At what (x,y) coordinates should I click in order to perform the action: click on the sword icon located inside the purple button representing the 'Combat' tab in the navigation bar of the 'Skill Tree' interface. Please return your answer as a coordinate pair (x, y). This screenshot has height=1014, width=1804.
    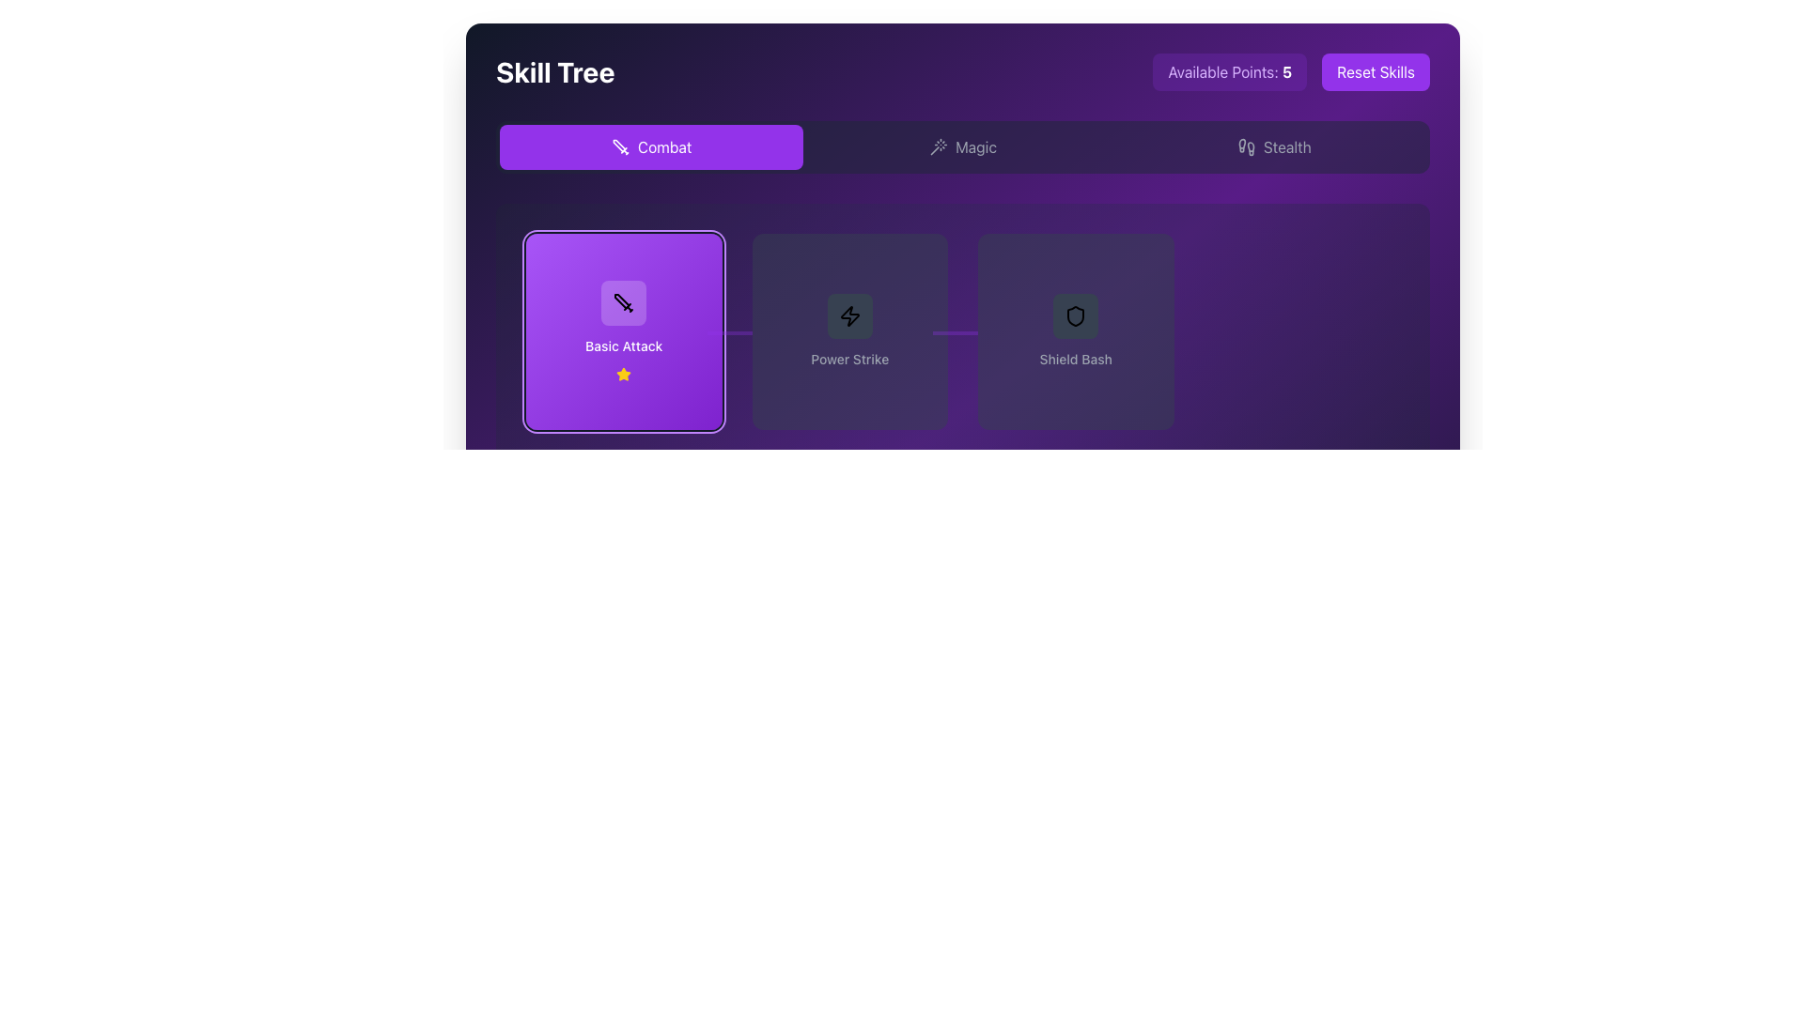
    Looking at the image, I should click on (620, 146).